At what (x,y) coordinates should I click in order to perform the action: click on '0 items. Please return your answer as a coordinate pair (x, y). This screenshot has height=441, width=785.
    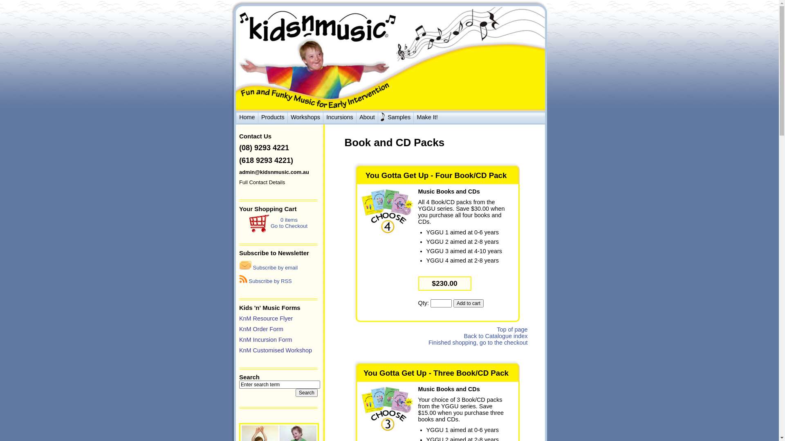
    Looking at the image, I should click on (271, 223).